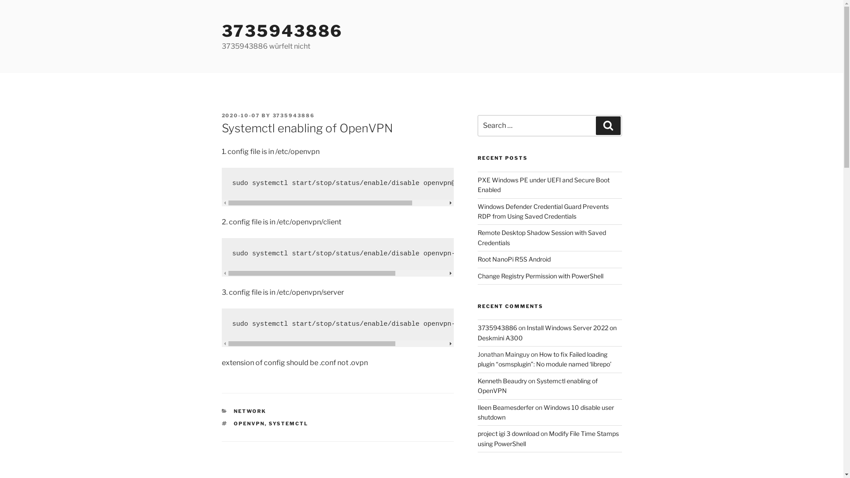  Describe the element at coordinates (272, 115) in the screenshot. I see `'3735943886'` at that location.